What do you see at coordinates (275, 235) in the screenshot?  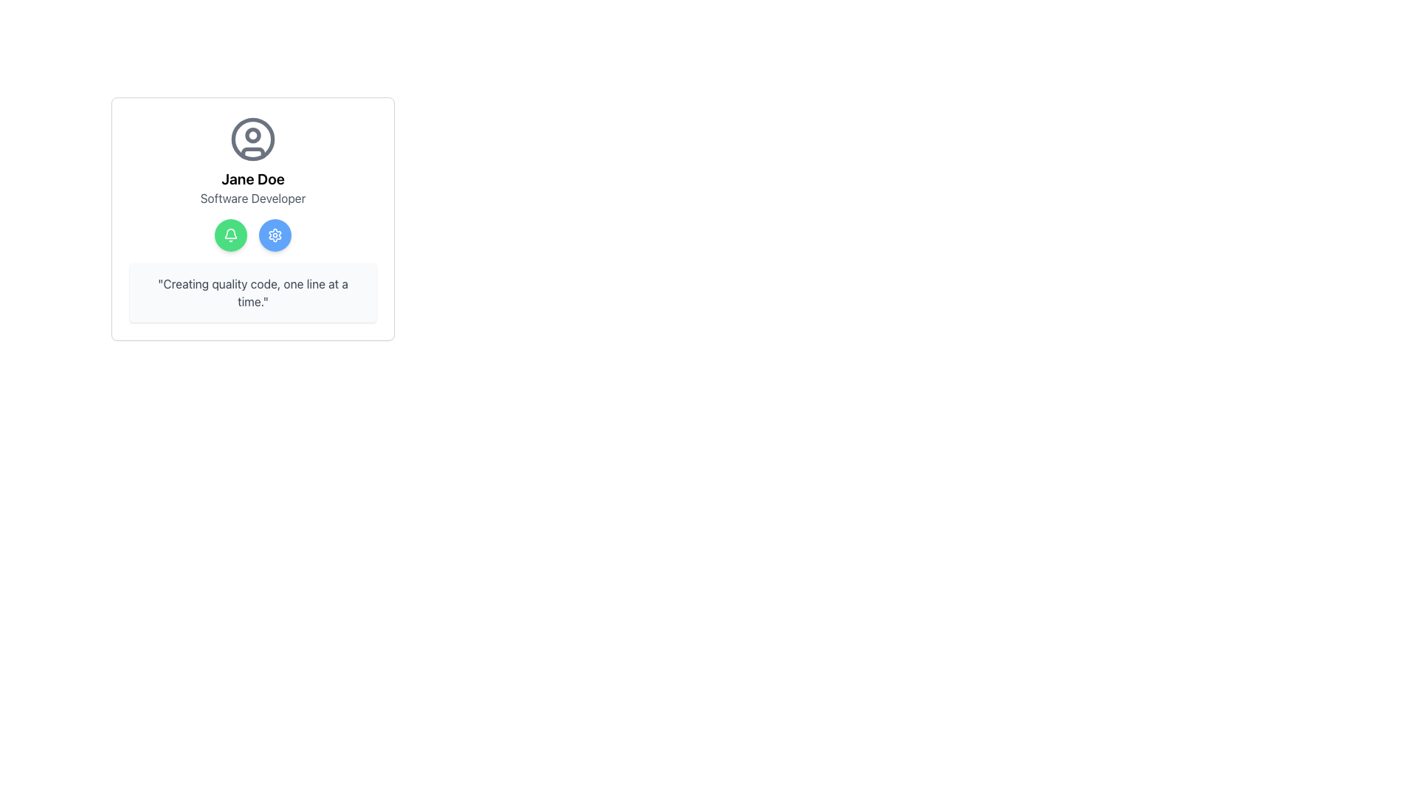 I see `the cogwheel icon with white lines on a blue circular background` at bounding box center [275, 235].